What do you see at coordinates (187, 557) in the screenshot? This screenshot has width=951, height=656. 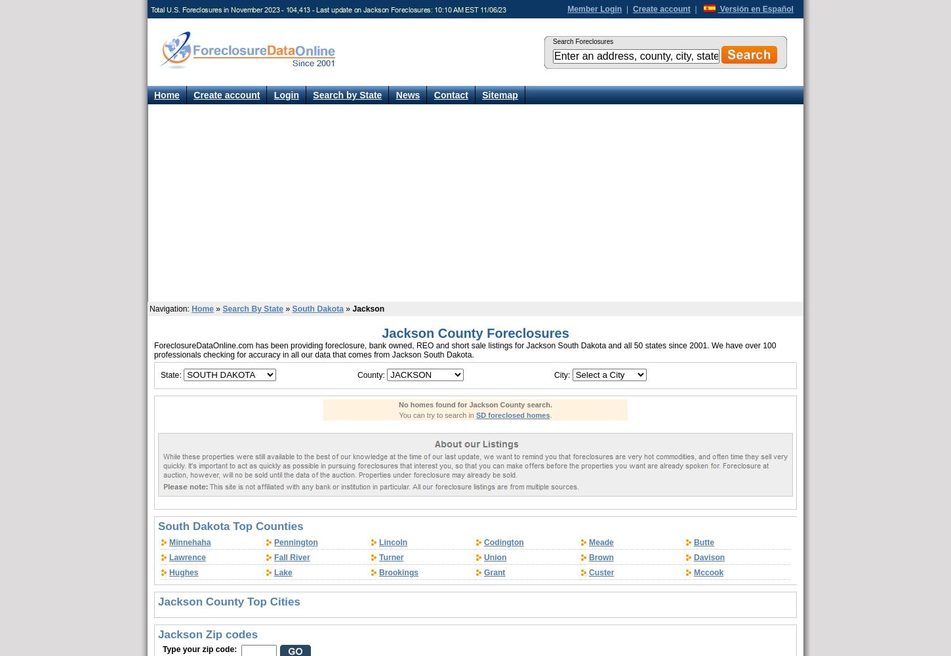 I see `'Lawrence'` at bounding box center [187, 557].